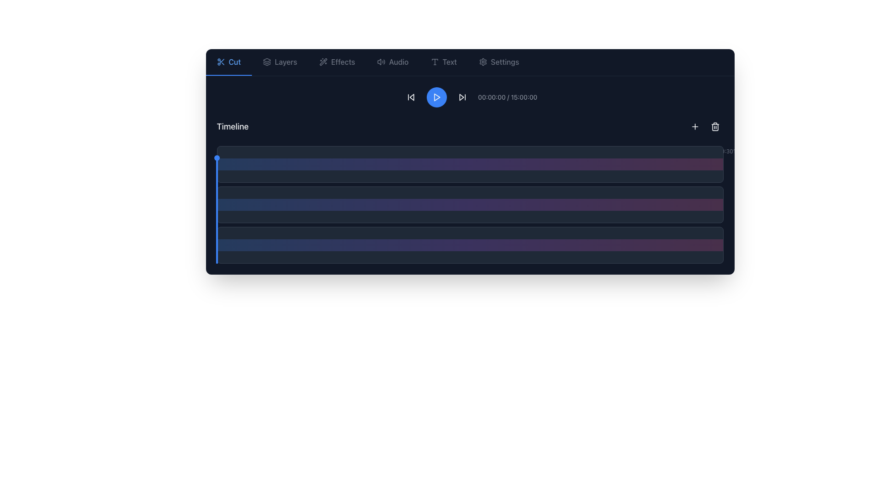 This screenshot has width=881, height=496. What do you see at coordinates (714, 127) in the screenshot?
I see `the trash bin icon button, which is a small icon with a modern outline style located at the top-right corner of the horizontal bar interface, to trigger a tooltip or visual feedback` at bounding box center [714, 127].